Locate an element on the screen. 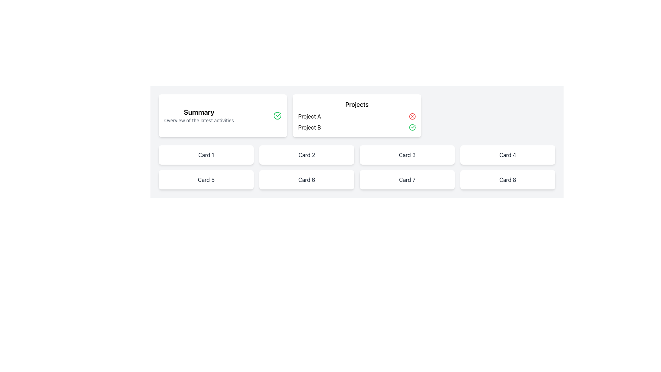 This screenshot has height=372, width=661. text displayed on the selectable card item labeled 'Card 3', which is the third item in a horizontally oriented grid layout, positioned between 'Card 2' and 'Card 4' is located at coordinates (407, 155).